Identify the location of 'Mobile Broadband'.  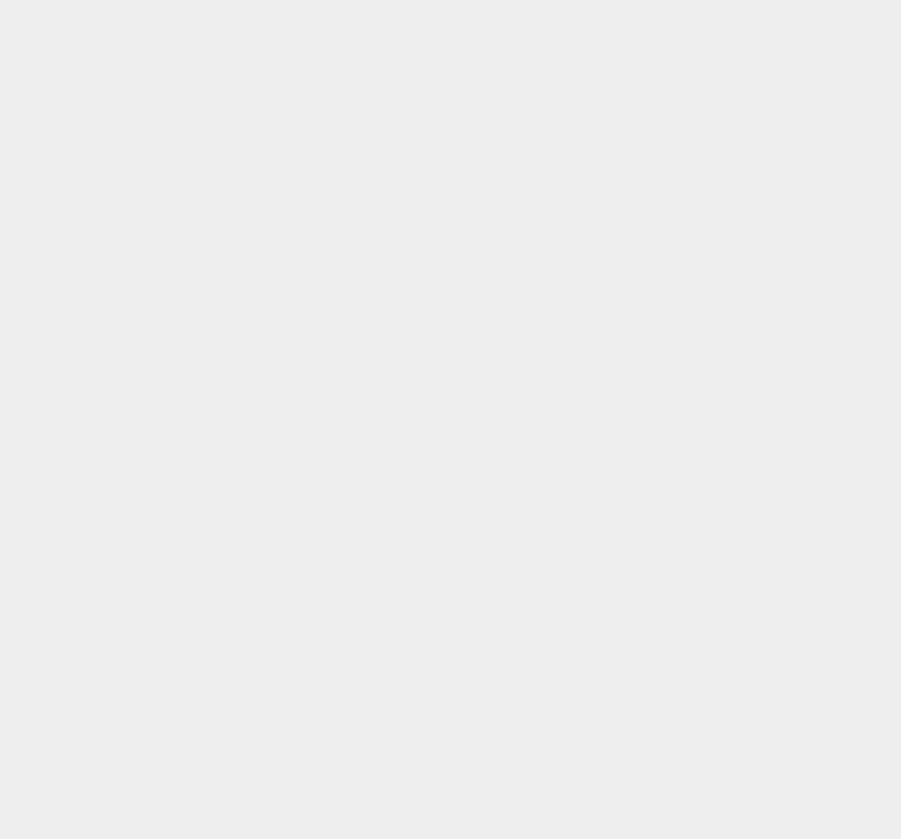
(681, 374).